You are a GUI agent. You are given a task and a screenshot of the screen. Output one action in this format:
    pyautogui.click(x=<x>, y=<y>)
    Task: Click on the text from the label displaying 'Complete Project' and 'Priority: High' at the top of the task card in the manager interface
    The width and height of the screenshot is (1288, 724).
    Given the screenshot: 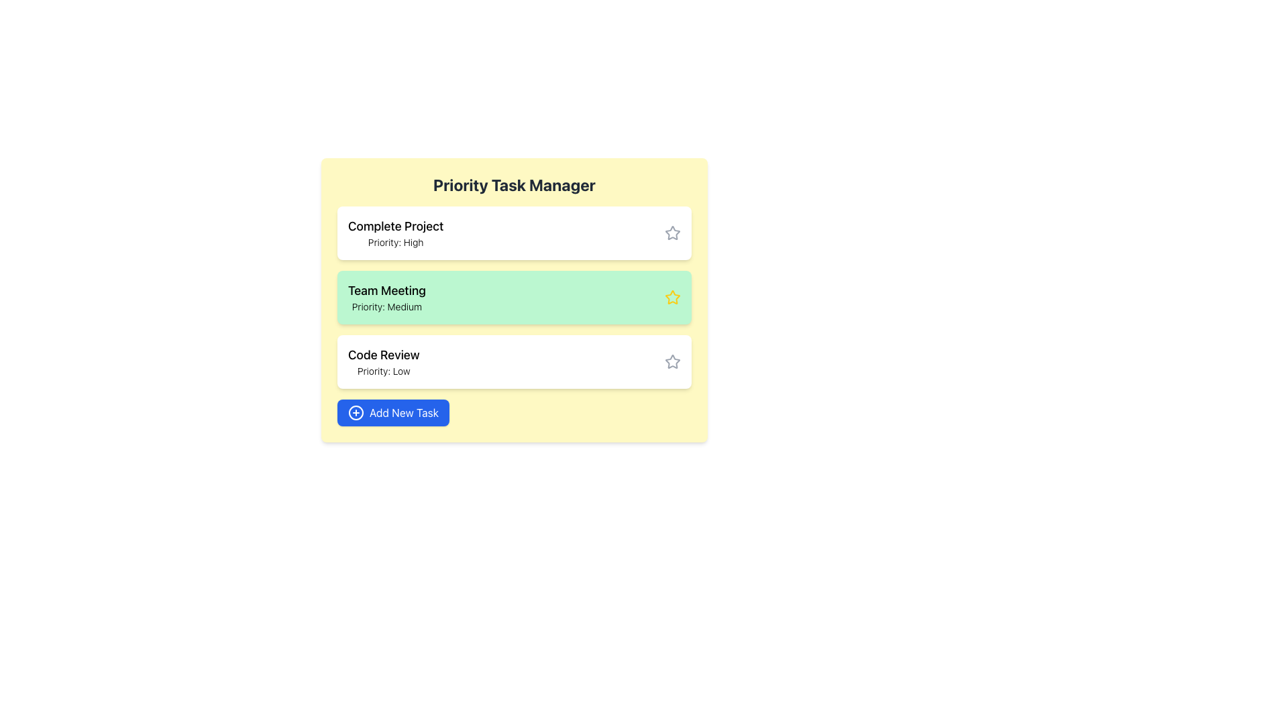 What is the action you would take?
    pyautogui.click(x=395, y=232)
    